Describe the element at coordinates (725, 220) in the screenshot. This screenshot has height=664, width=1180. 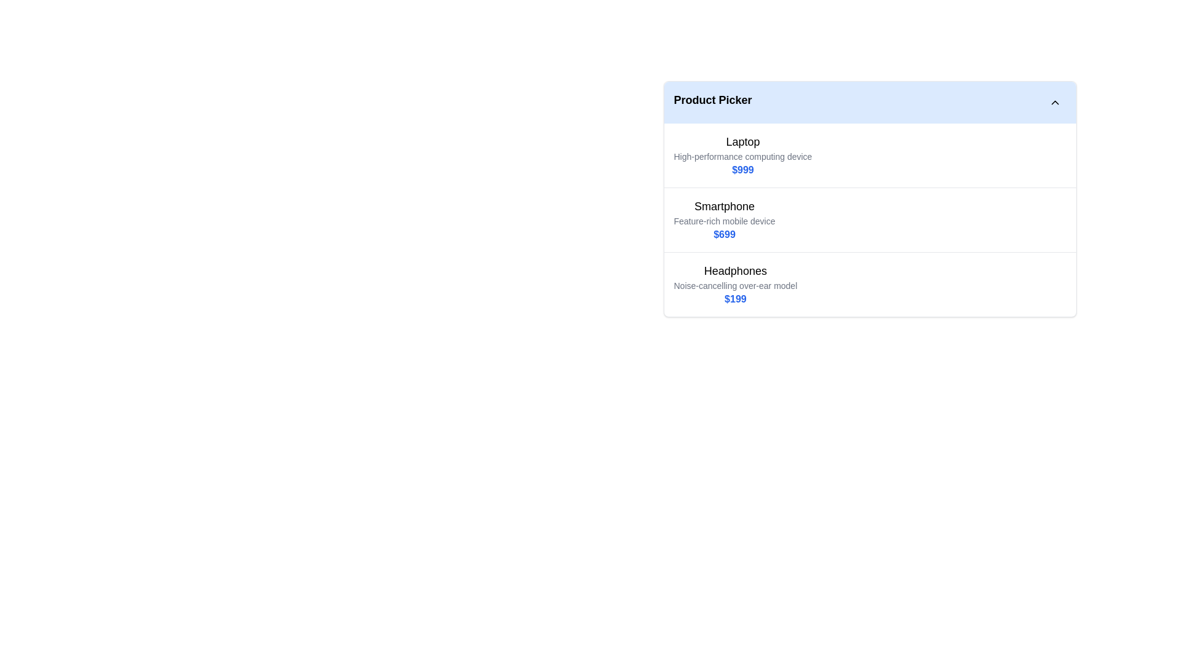
I see `the text 'Feature-rich mobile device' for copying, which is a smaller gray subtitle text located below the 'Smartphone' heading` at that location.